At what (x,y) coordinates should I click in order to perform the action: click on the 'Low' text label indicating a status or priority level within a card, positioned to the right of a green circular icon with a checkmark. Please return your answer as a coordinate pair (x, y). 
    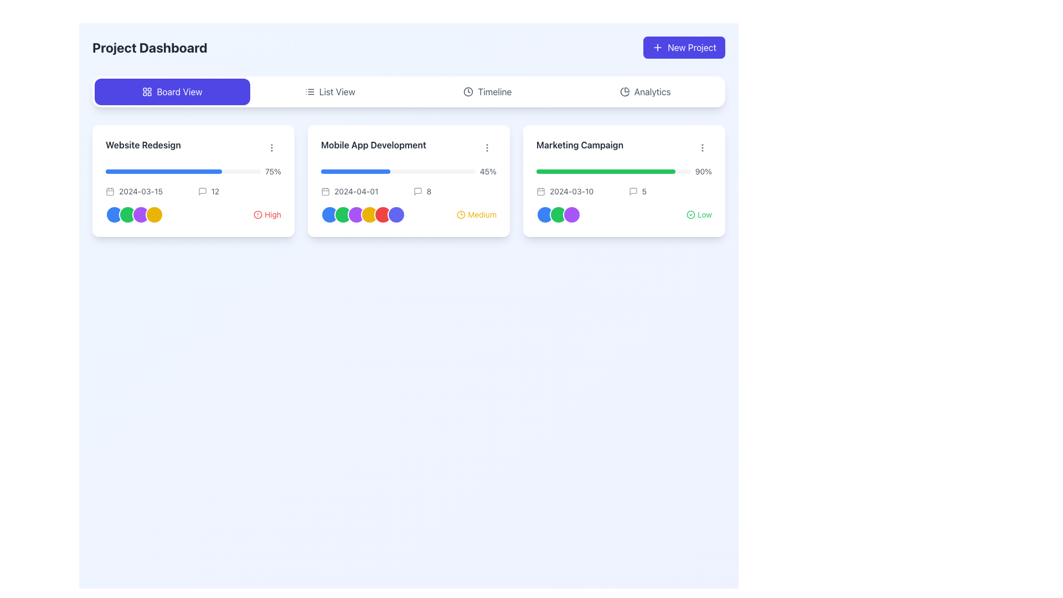
    Looking at the image, I should click on (704, 215).